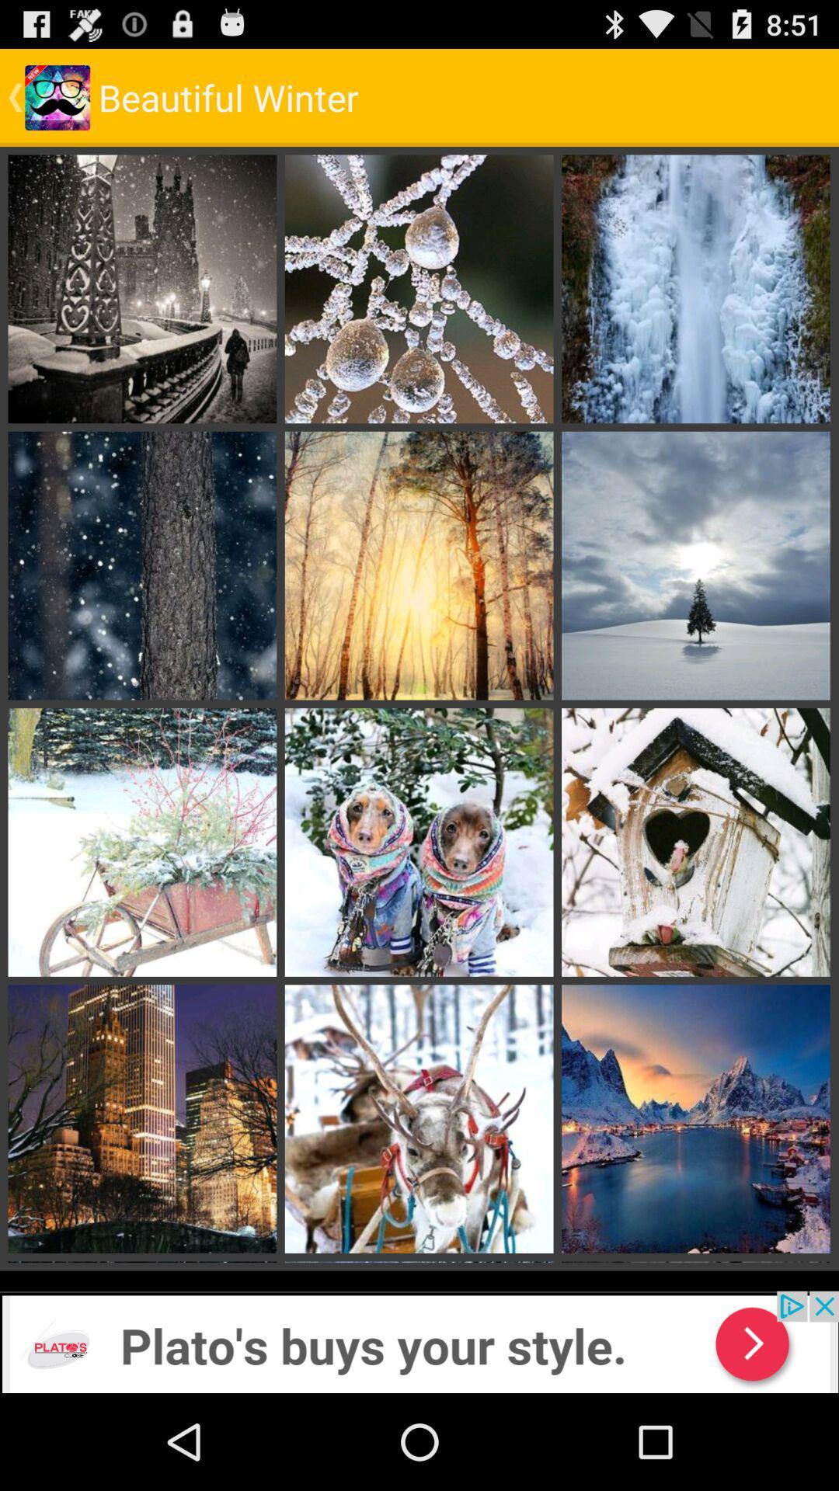 This screenshot has width=839, height=1491. Describe the element at coordinates (419, 1341) in the screenshot. I see `bit news` at that location.